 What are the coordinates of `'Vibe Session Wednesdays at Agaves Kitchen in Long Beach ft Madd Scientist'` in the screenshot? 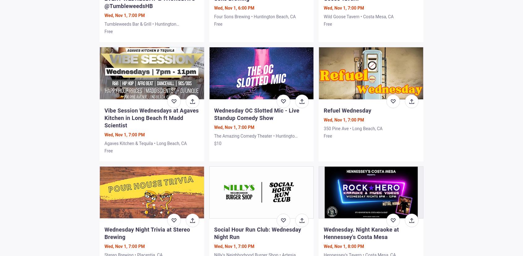 It's located at (151, 117).